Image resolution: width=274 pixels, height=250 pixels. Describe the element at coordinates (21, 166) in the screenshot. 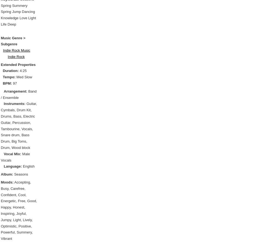

I see `'English'` at that location.